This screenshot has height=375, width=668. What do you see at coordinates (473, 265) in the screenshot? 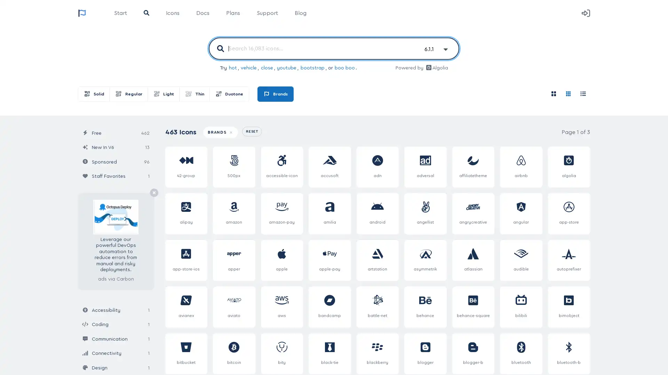
I see `atlassian` at bounding box center [473, 265].